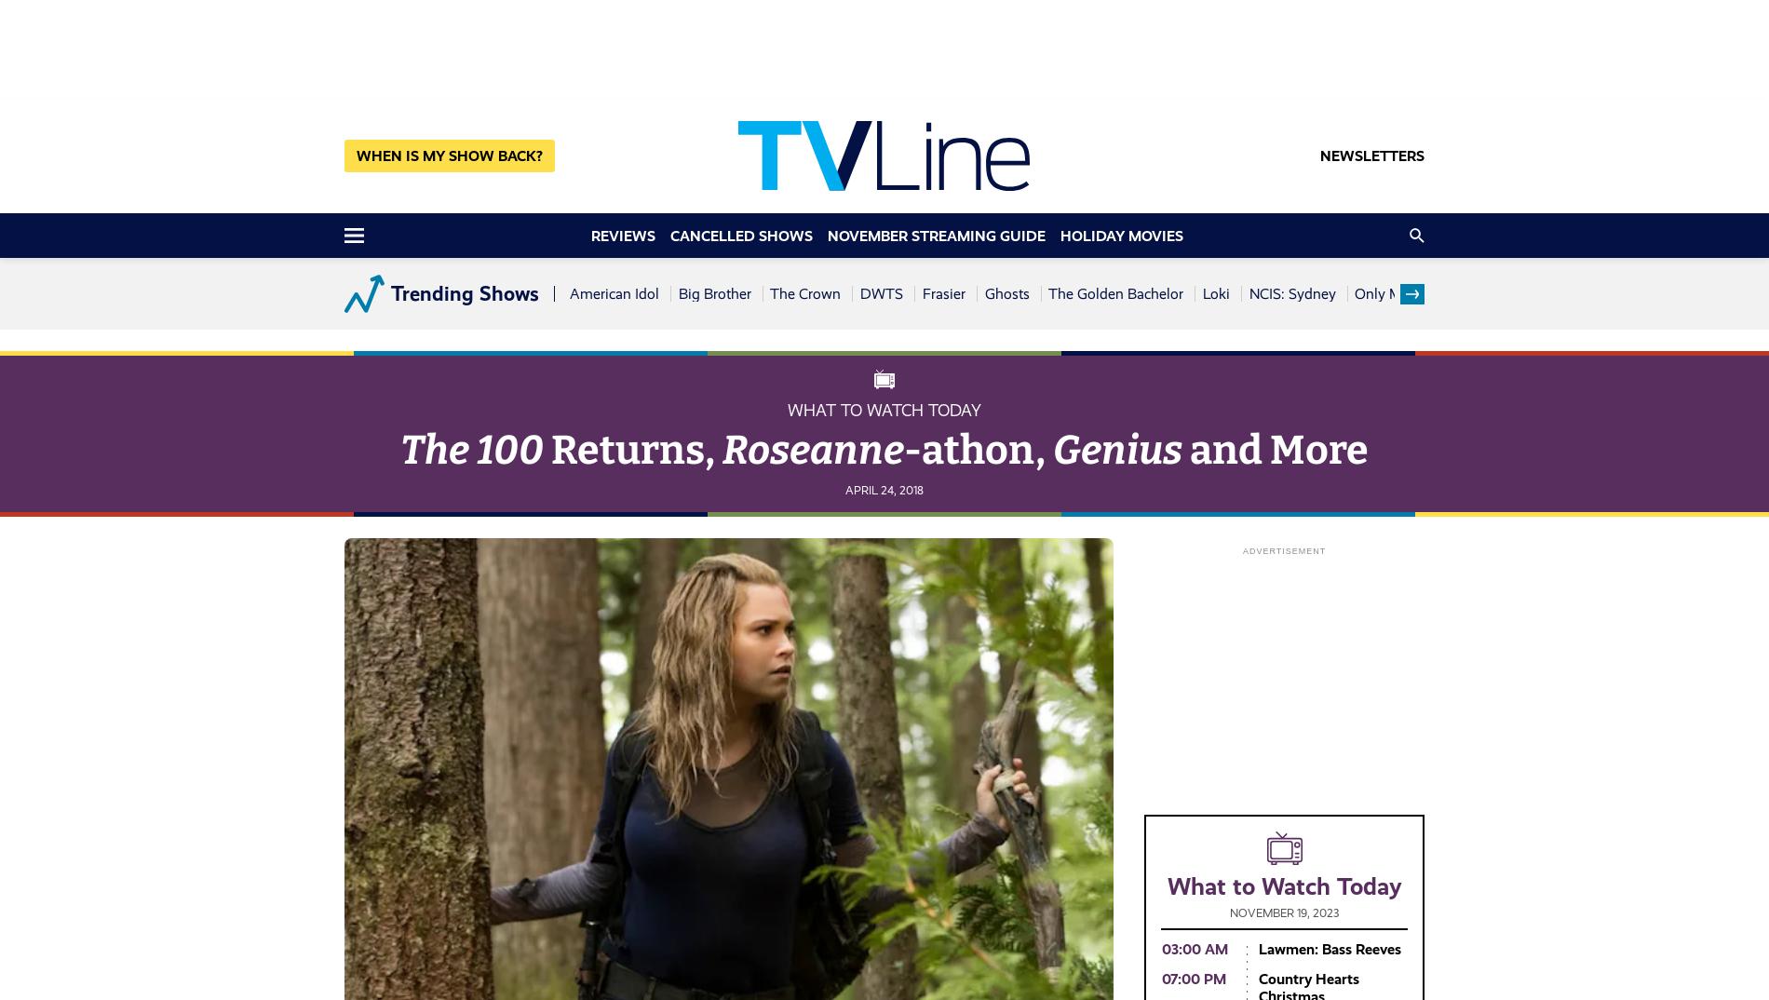 This screenshot has height=1000, width=1769. What do you see at coordinates (1479, 293) in the screenshot?
I see `'Sistas'` at bounding box center [1479, 293].